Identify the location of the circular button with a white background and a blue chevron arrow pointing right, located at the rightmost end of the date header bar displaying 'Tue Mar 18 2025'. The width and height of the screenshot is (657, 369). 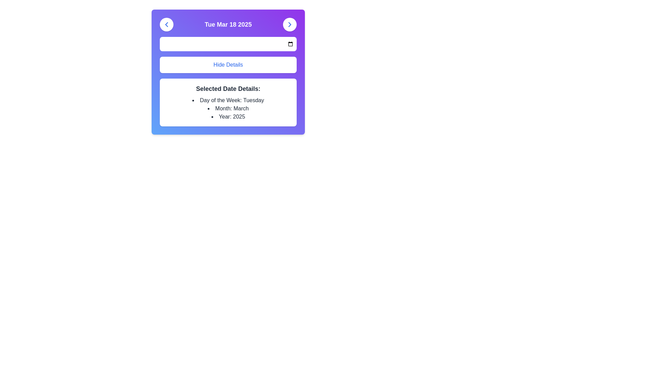
(289, 24).